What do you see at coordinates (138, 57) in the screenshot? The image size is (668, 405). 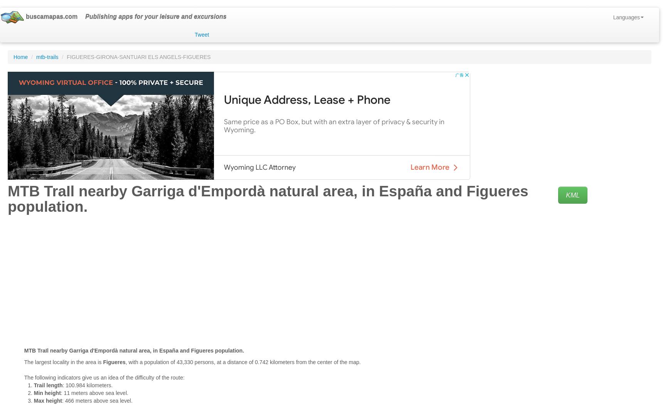 I see `'FIGUERES-GIRONA-SANTUARI ELS ANGELS-FIGUERES'` at bounding box center [138, 57].